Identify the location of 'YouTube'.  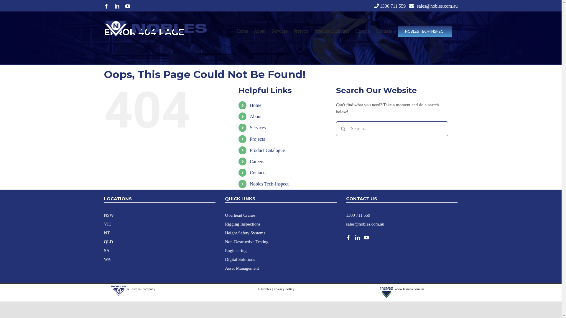
(124, 6).